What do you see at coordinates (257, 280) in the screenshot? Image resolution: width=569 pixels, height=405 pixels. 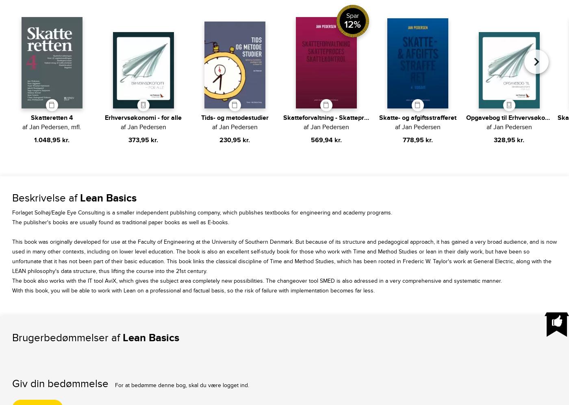 I see `'The book also works with the IT tool AviX, which gives the subject area completely new possibilities. The changeover tool SMED is also adressed in a very comprehensive and systematic manner.'` at bounding box center [257, 280].